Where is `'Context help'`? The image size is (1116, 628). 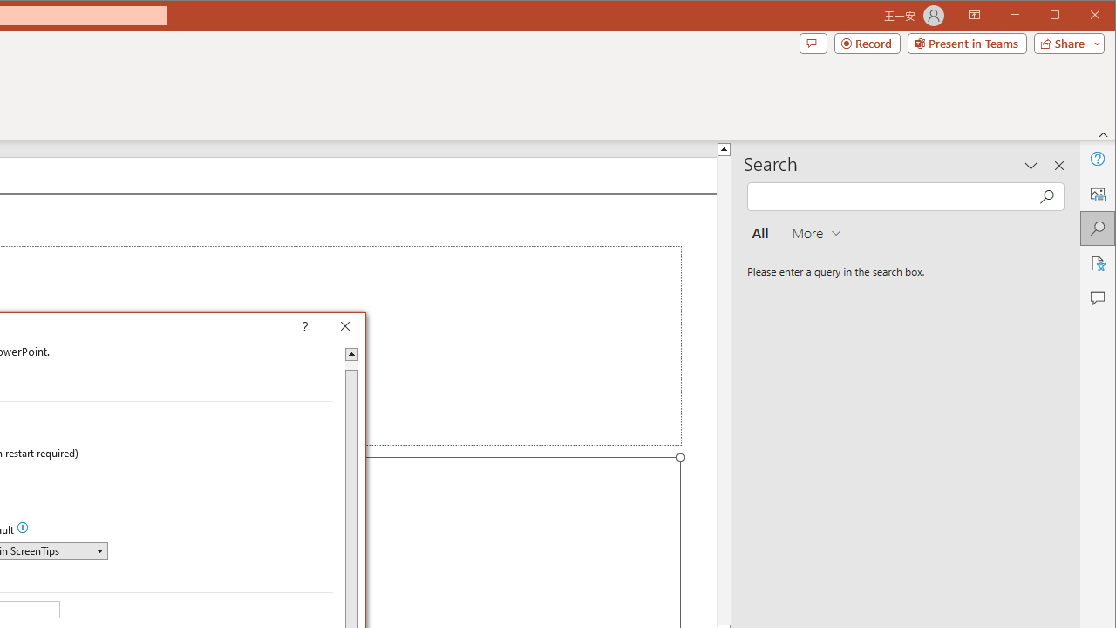 'Context help' is located at coordinates (330, 328).